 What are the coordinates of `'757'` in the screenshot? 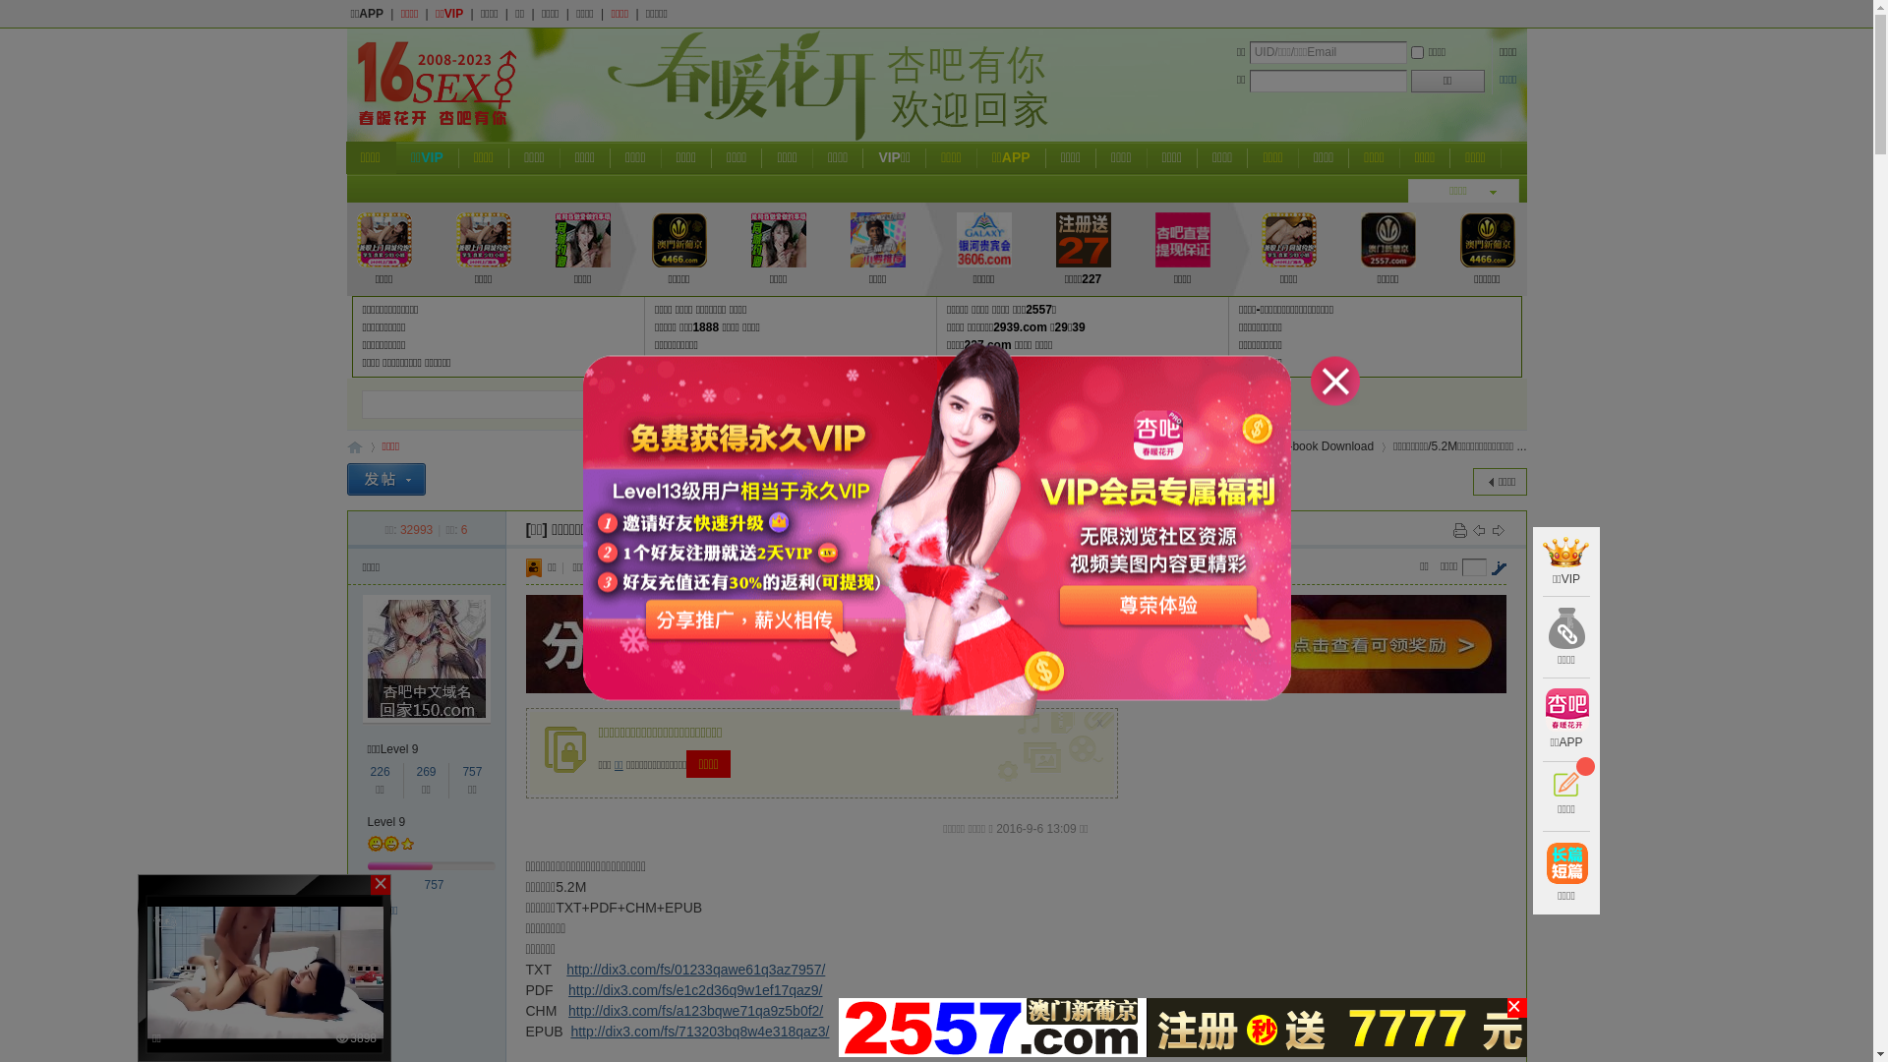 It's located at (433, 883).